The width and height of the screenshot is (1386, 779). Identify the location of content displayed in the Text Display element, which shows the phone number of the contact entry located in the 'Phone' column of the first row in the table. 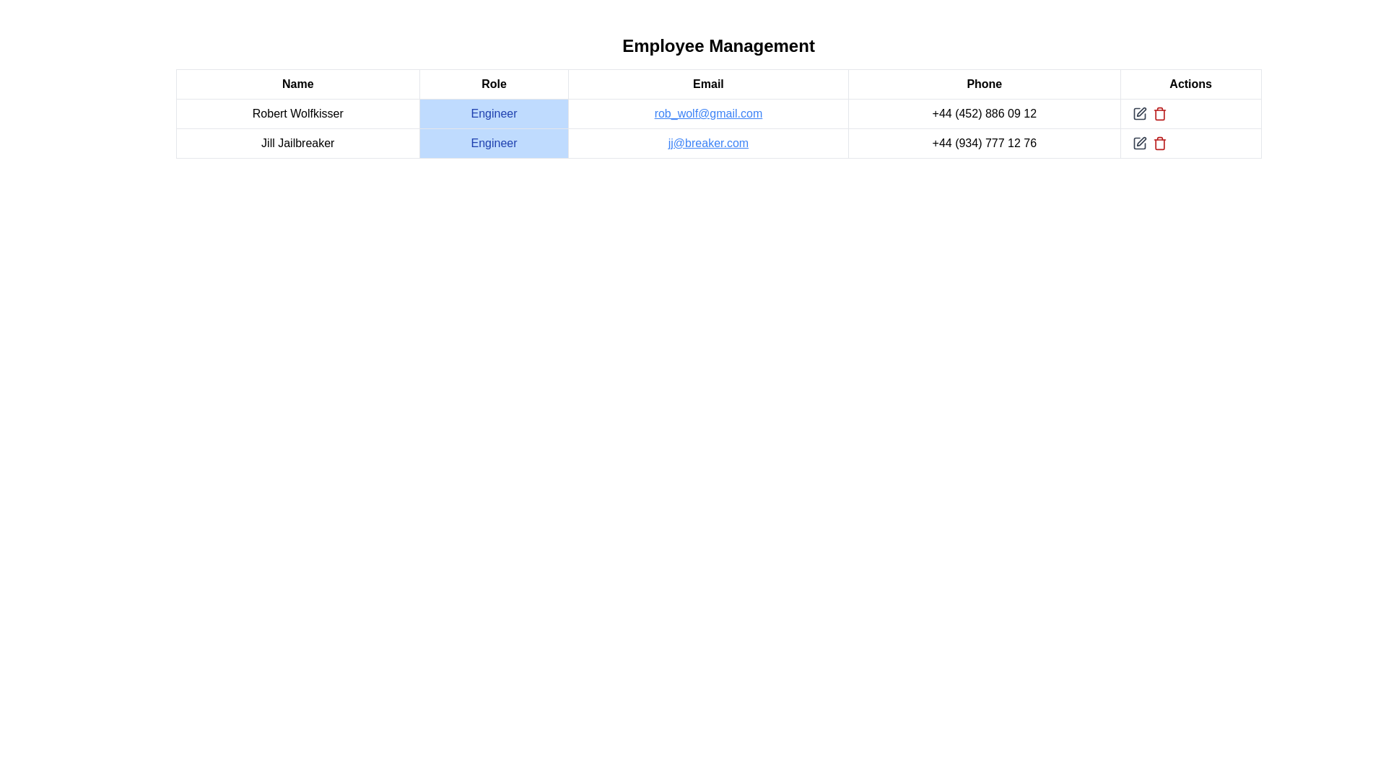
(983, 113).